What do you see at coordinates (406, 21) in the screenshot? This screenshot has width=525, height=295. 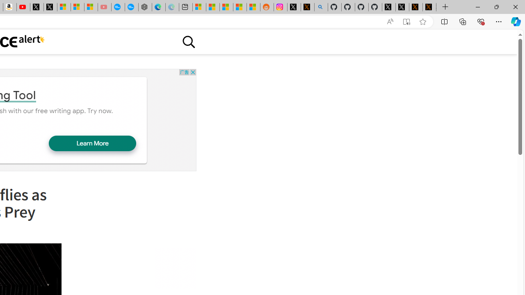 I see `'Enter Immersive Reader (F9)'` at bounding box center [406, 21].